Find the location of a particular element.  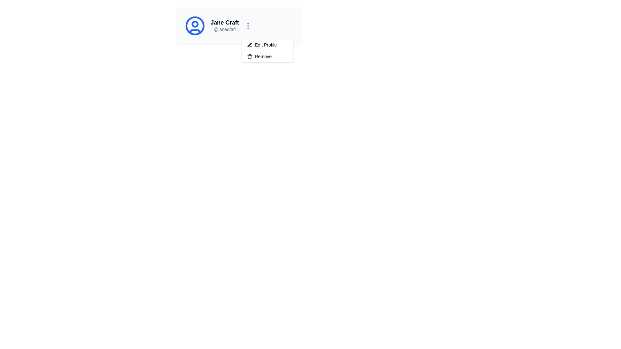

the pen icon located to the left of the 'Edit Profile' text label, which features a minimalist linear outline design is located at coordinates (249, 44).